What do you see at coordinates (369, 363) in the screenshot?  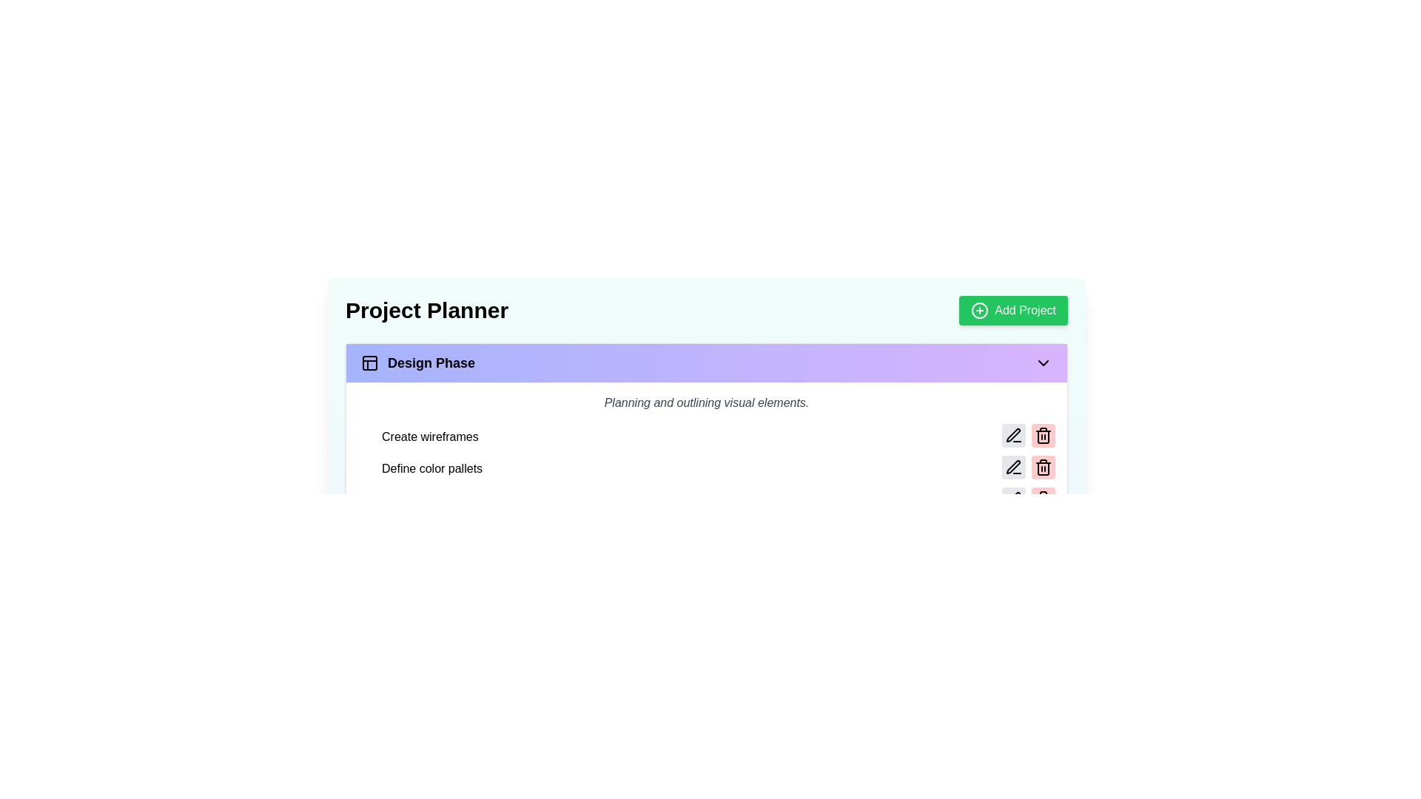 I see `the Icon representing the 'Design Phase' located in the upper-left corner of the section header adjacent to the text 'Design Phase'` at bounding box center [369, 363].